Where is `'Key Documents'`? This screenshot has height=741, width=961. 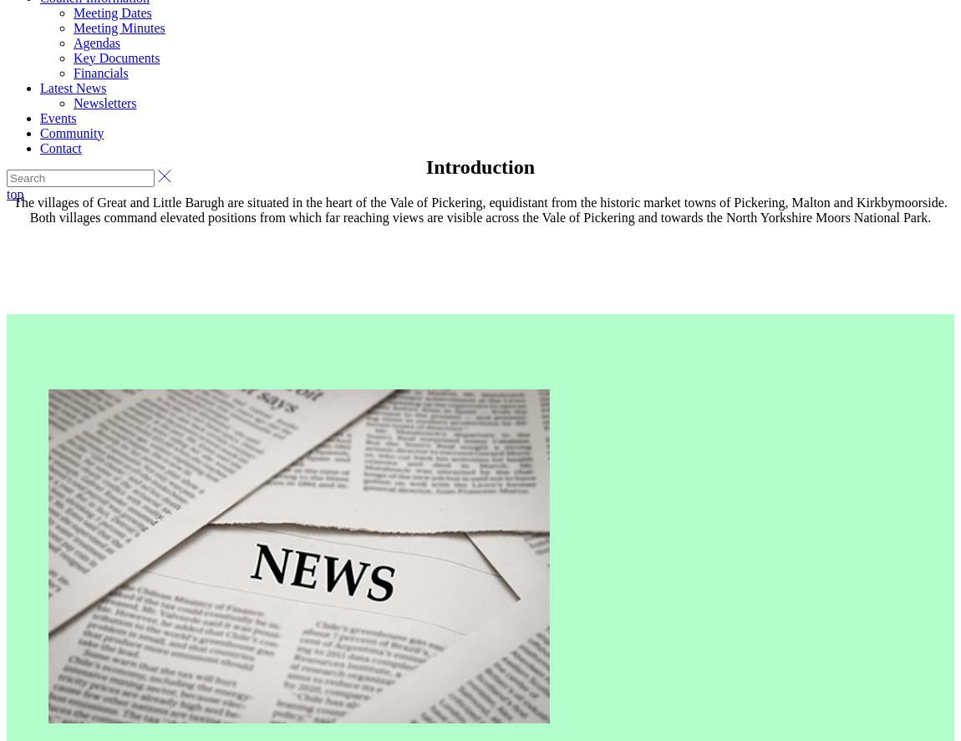 'Key Documents' is located at coordinates (115, 56).